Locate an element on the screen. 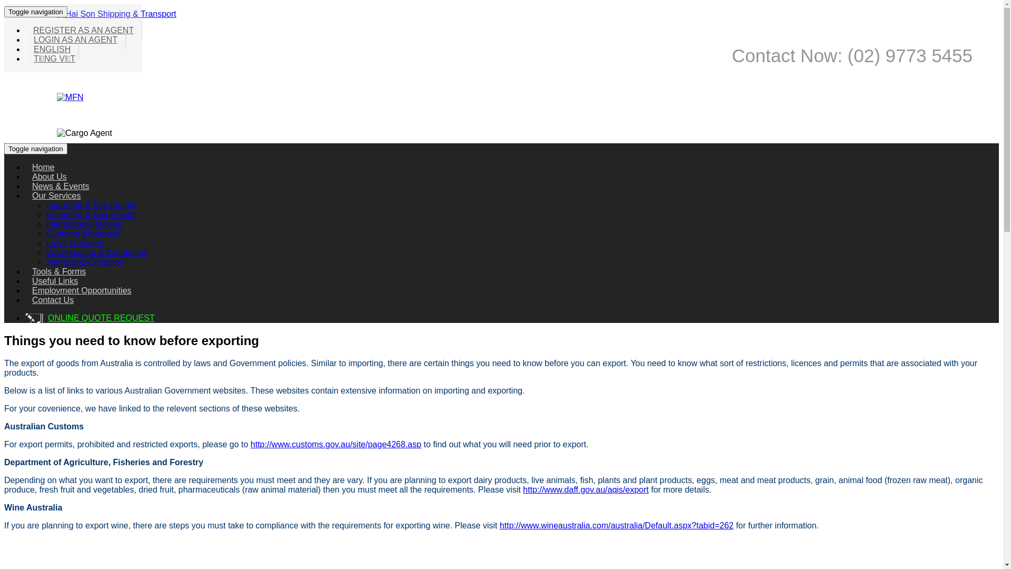 The image size is (1011, 569). 'http://www.customs.gov.au/site/page4268.asp' is located at coordinates (335, 444).